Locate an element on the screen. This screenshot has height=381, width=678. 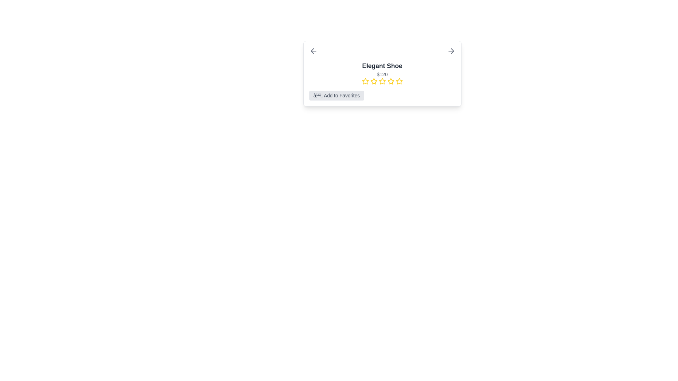
the third star icon in the rating component below the 'Elegant Shoe' heading to interact for rating is located at coordinates (373, 81).